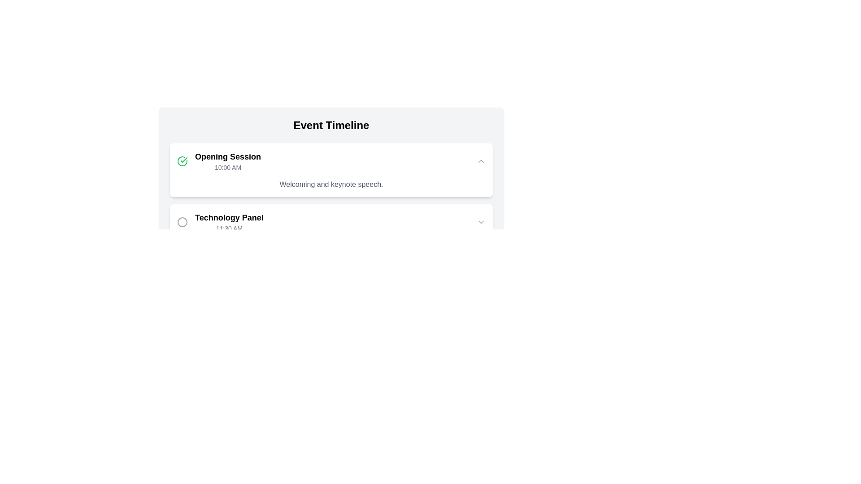 Image resolution: width=861 pixels, height=484 pixels. I want to click on the green circular icon with a checkmark and the text 'Opening Session', so click(219, 160).